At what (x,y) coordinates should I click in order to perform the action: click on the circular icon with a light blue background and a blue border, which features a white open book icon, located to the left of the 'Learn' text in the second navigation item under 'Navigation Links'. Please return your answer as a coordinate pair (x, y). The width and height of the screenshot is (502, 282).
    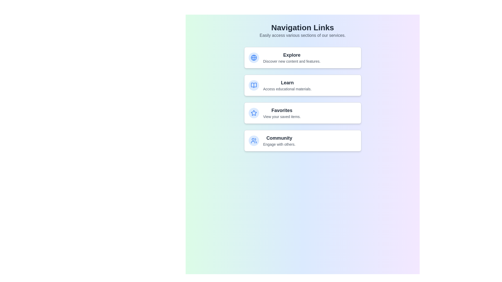
    Looking at the image, I should click on (254, 85).